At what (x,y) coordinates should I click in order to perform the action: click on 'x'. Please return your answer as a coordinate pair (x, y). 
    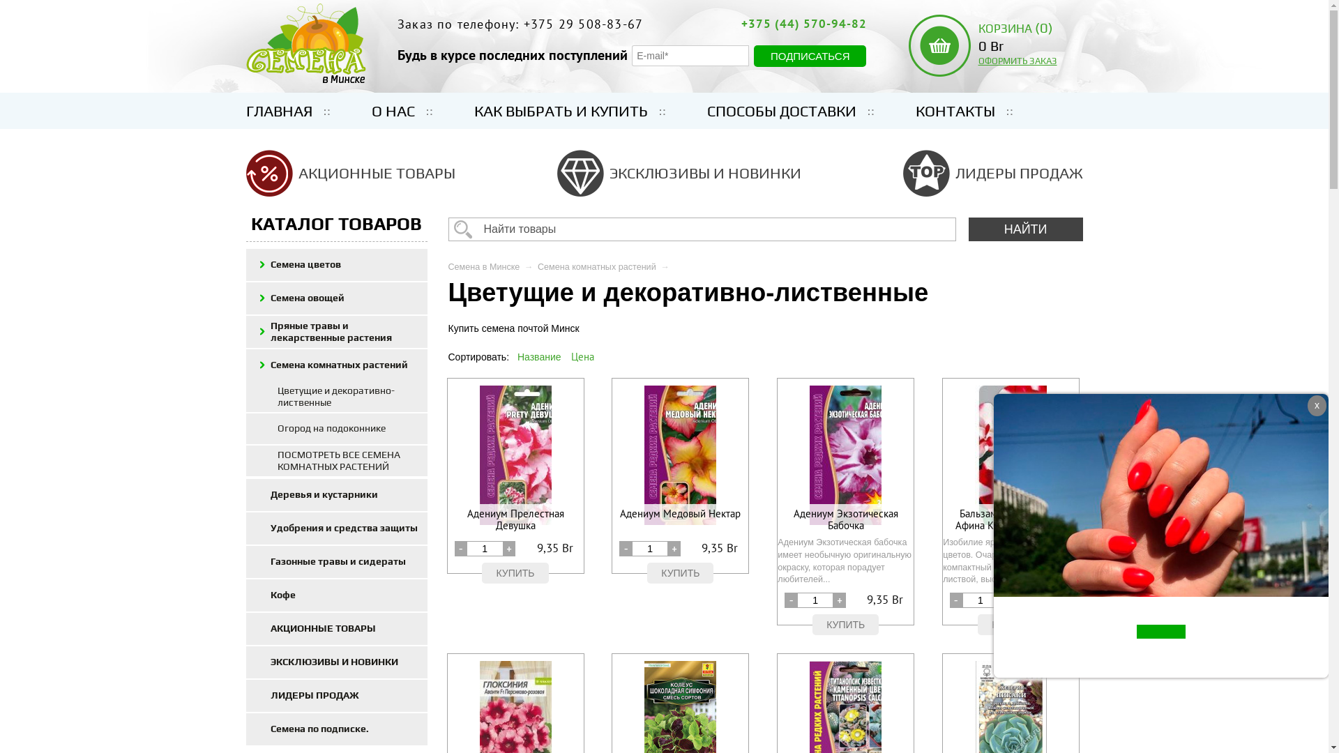
    Looking at the image, I should click on (1316, 406).